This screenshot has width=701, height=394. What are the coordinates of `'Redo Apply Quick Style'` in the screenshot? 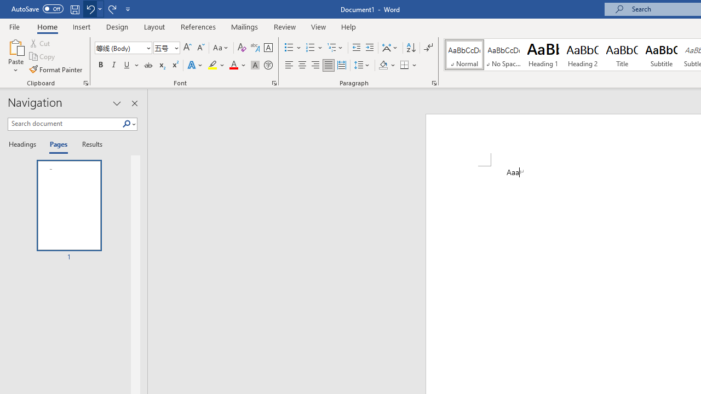 It's located at (112, 9).